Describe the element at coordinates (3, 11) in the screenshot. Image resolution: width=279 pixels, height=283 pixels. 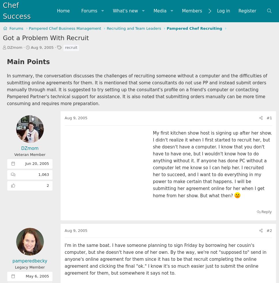
I see `'Chef Success'` at that location.